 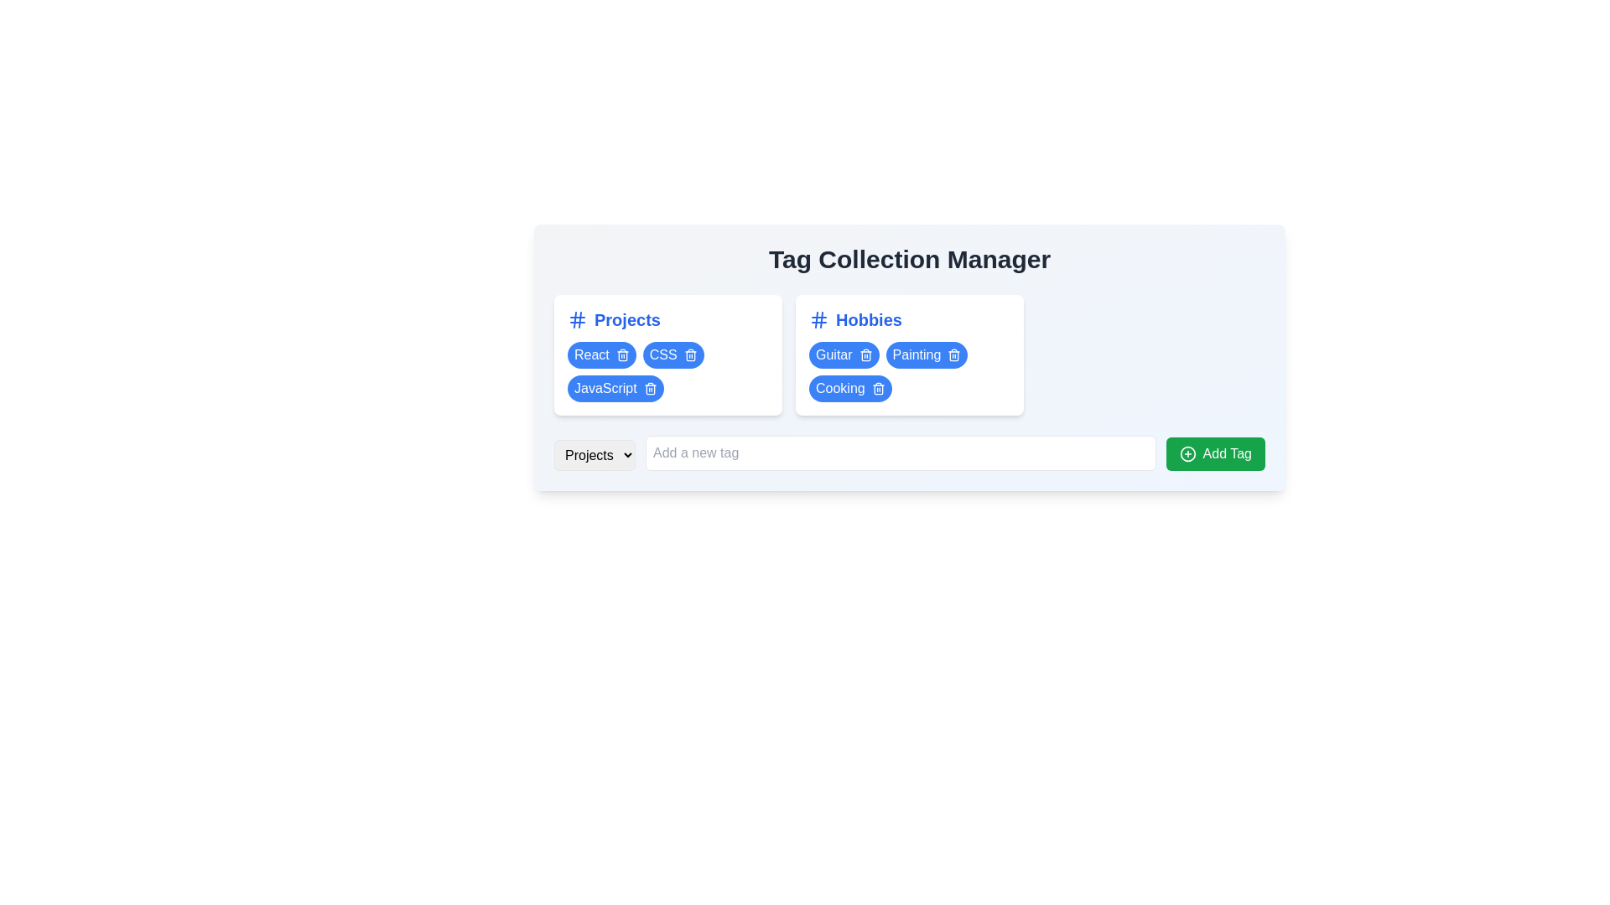 I want to click on the 'Add Tag' button, which features an icon to the left of the text, to initiate the addition of a tag, so click(x=1187, y=454).